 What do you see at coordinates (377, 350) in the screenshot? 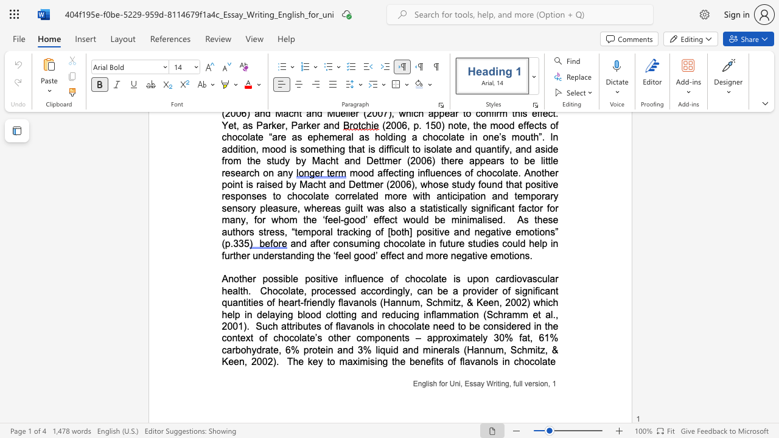
I see `the subset text "iquid and min" within the text "Such attributes of flavanols in chocolate need to be considered in the context of chocolate’s other components – approximately 30% fat, 61% carbohydrate, 6% protein and 3% liquid and minerals (Hannum, Sch"` at bounding box center [377, 350].